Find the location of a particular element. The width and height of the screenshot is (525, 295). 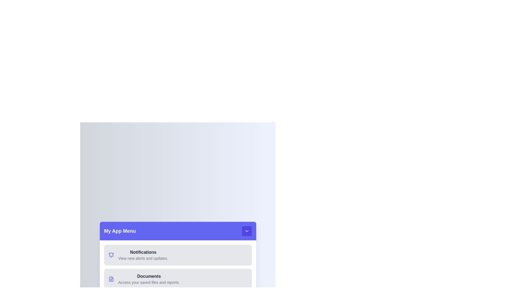

the icon associated with Notifications is located at coordinates (111, 255).